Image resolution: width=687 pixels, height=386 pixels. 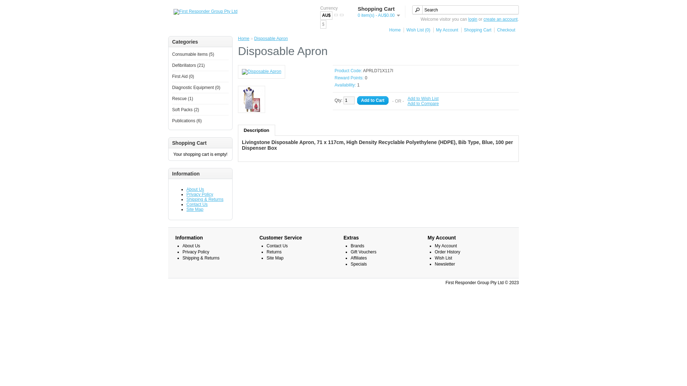 What do you see at coordinates (188, 65) in the screenshot?
I see `'Defibrillators (21)'` at bounding box center [188, 65].